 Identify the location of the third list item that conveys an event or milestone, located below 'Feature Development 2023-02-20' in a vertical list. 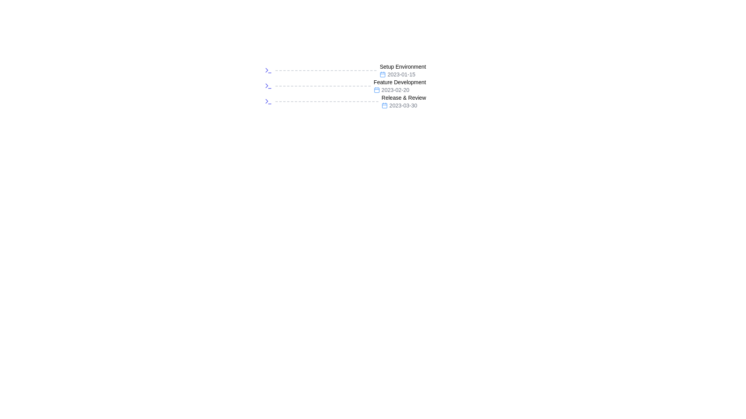
(345, 101).